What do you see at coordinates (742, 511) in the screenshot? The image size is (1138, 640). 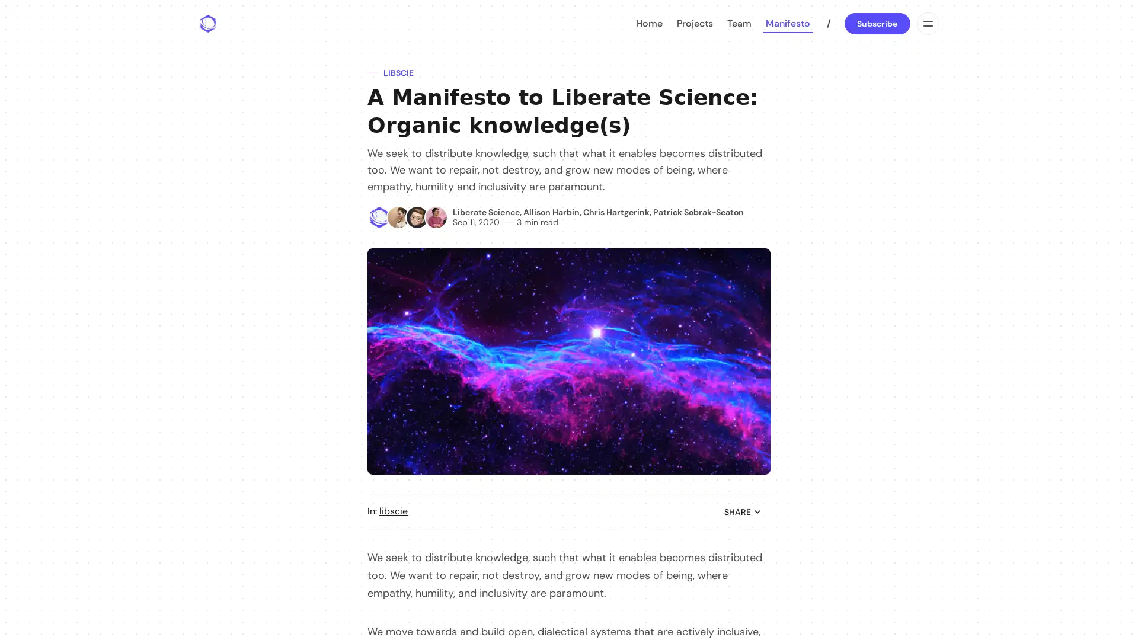 I see `SHARE` at bounding box center [742, 511].